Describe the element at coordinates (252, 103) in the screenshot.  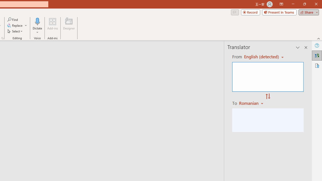
I see `'Romanian'` at that location.